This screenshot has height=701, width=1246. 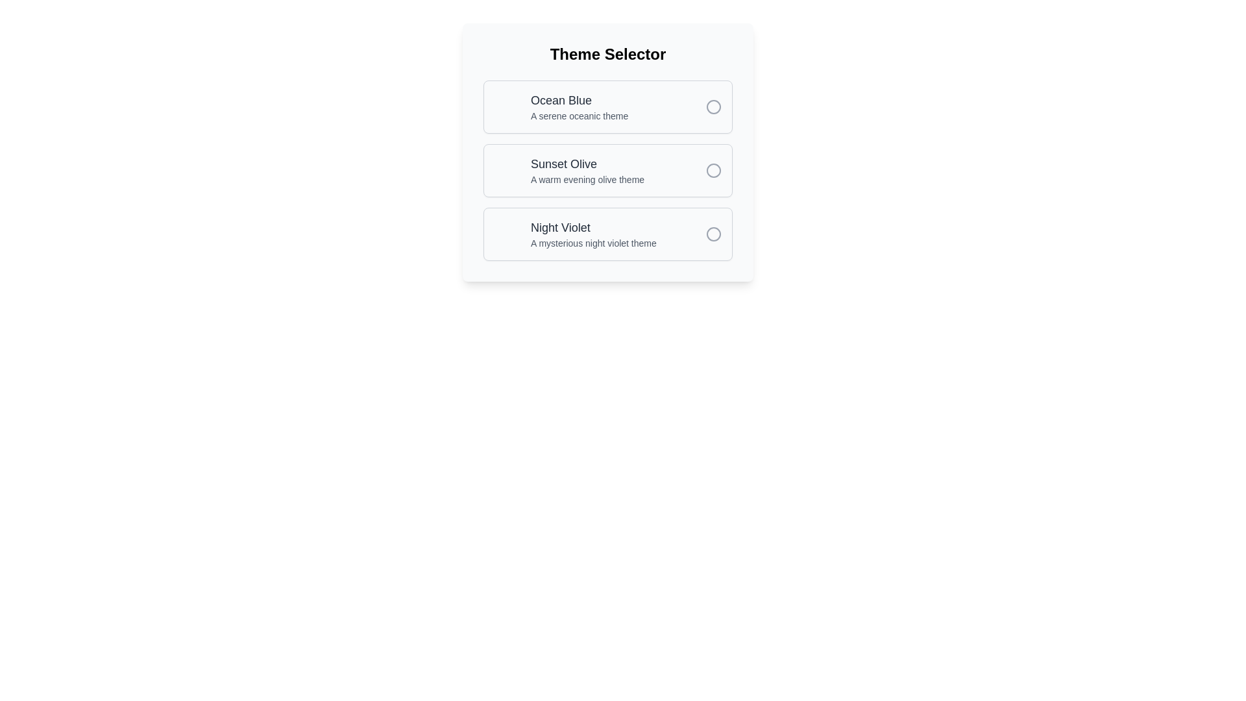 What do you see at coordinates (713, 234) in the screenshot?
I see `the unfilled circular radio button styled in gray, located at the far right side of the 'Night Violet' theme selector row` at bounding box center [713, 234].